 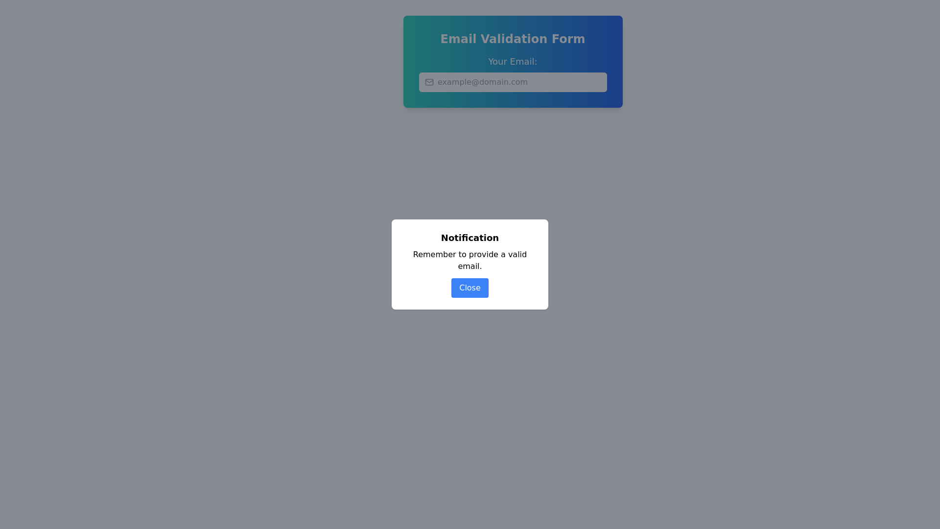 What do you see at coordinates (470, 264) in the screenshot?
I see `notification text from the Modal dialog that conveys an important message about providing a valid email` at bounding box center [470, 264].